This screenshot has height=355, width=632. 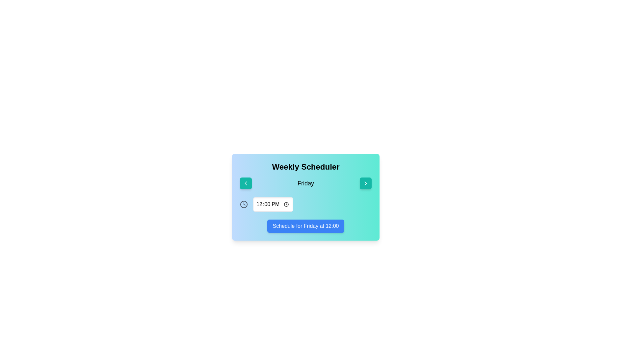 I want to click on the blue button labeled 'Schedule for Friday at 12:00' for keyboard input, so click(x=305, y=225).